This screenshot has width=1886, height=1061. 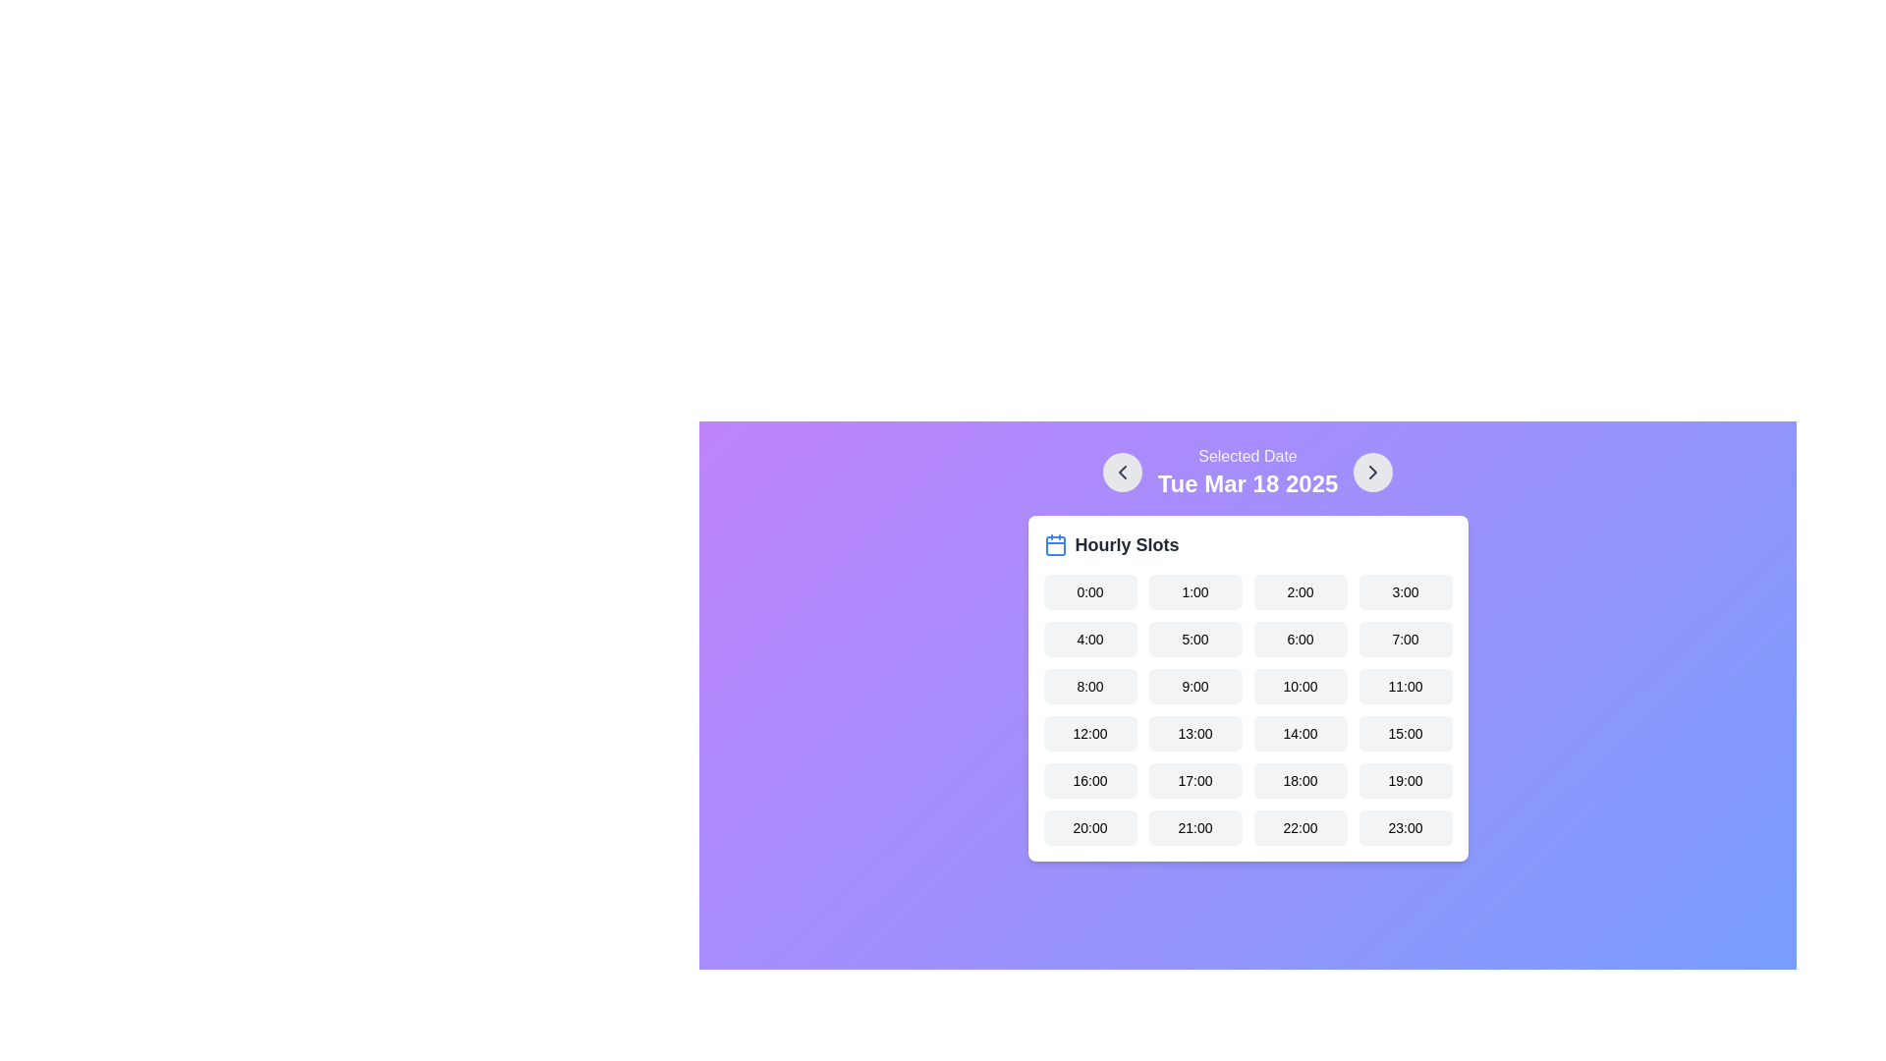 I want to click on the label indicating the purpose of the currently selected date, positioned in the upper center of the interface above the date 'Tue Mar 18 2025', so click(x=1247, y=457).